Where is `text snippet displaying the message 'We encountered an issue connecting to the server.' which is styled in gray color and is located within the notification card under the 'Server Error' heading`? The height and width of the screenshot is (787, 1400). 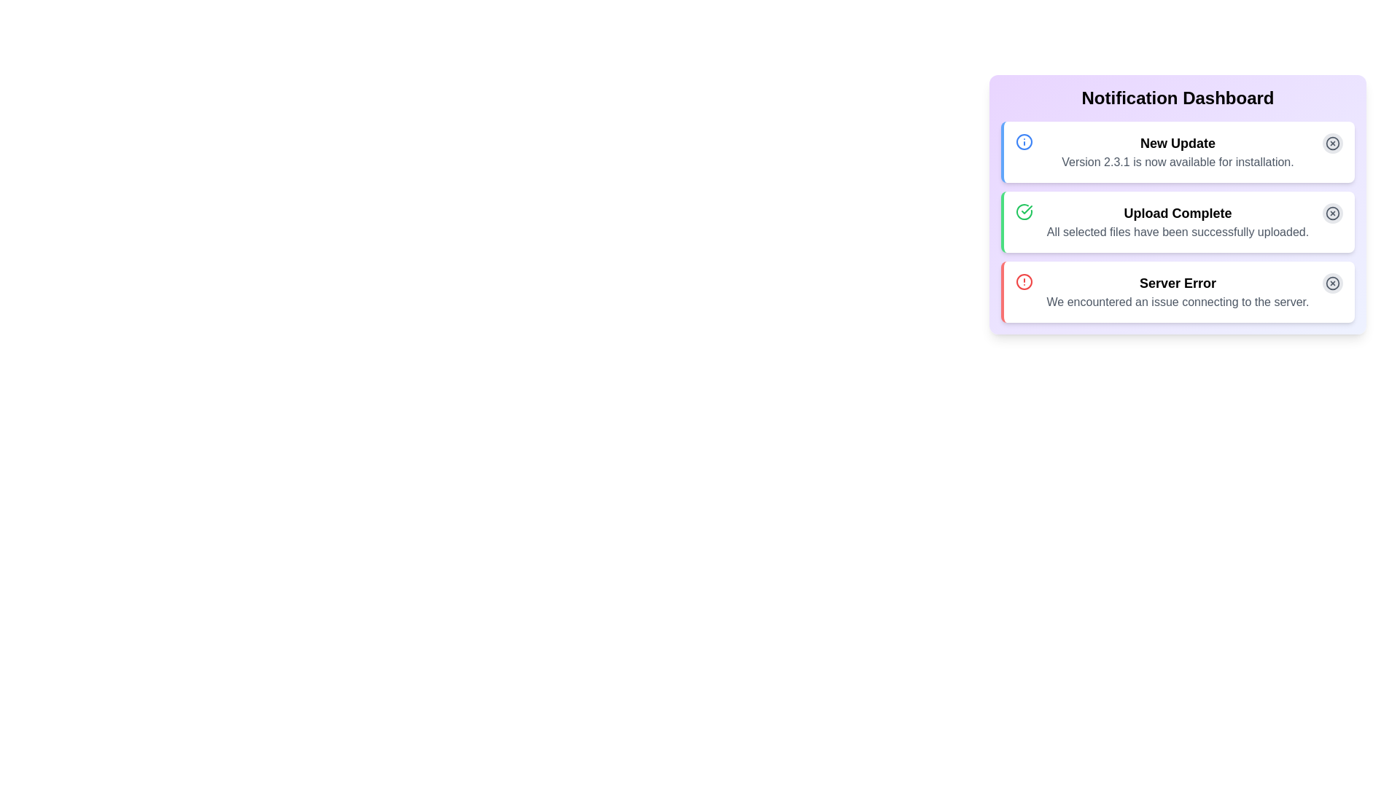 text snippet displaying the message 'We encountered an issue connecting to the server.' which is styled in gray color and is located within the notification card under the 'Server Error' heading is located at coordinates (1178, 302).